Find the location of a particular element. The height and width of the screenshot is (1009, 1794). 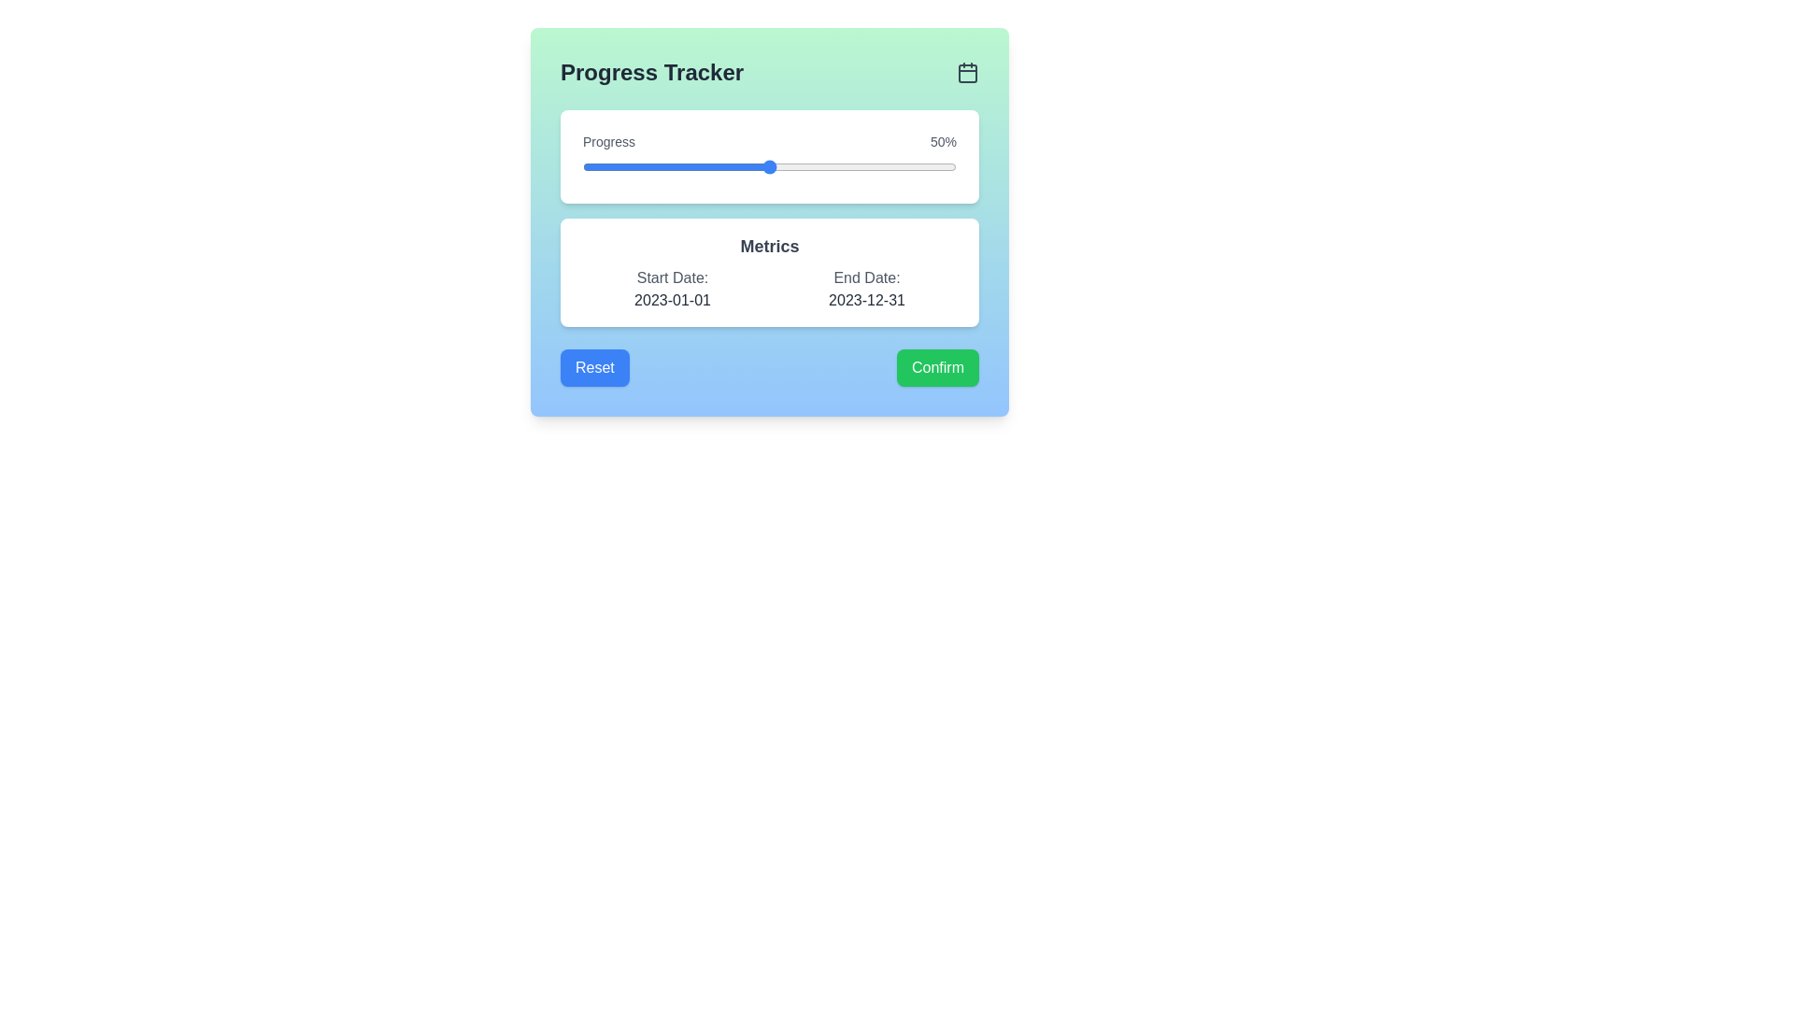

the 'Start Date:' text label that displays '2023-01-01' is located at coordinates (673, 289).